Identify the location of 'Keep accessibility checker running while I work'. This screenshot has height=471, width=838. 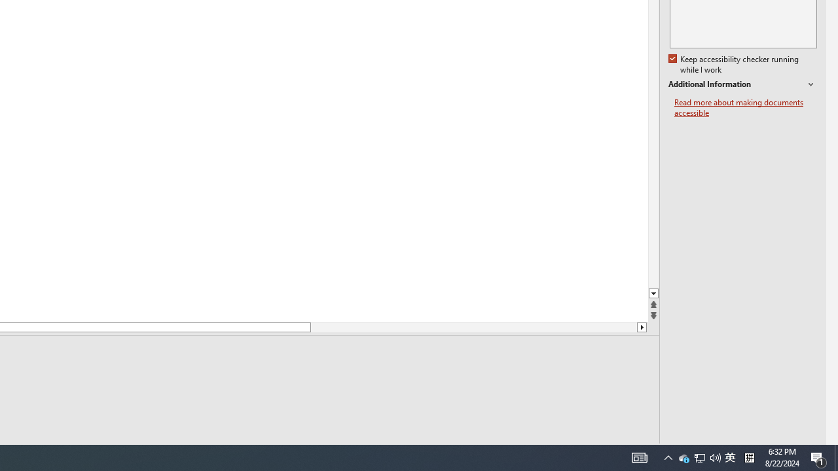
(735, 65).